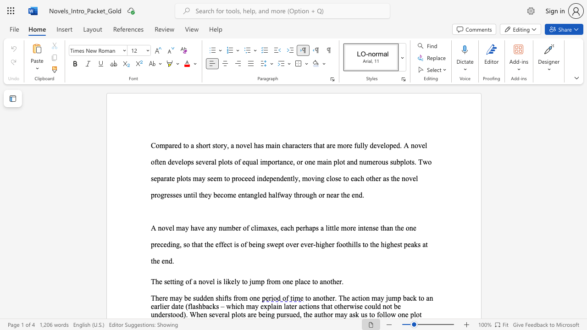 This screenshot has width=587, height=330. I want to click on the subset text "nother." within the text "The setting of a novel is likely to jump from one place to another.", so click(323, 281).